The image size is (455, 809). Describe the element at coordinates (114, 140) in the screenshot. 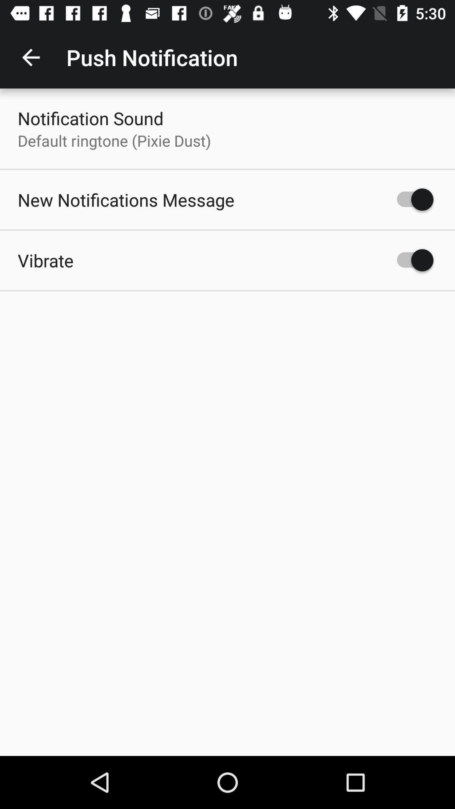

I see `the icon below notification sound icon` at that location.